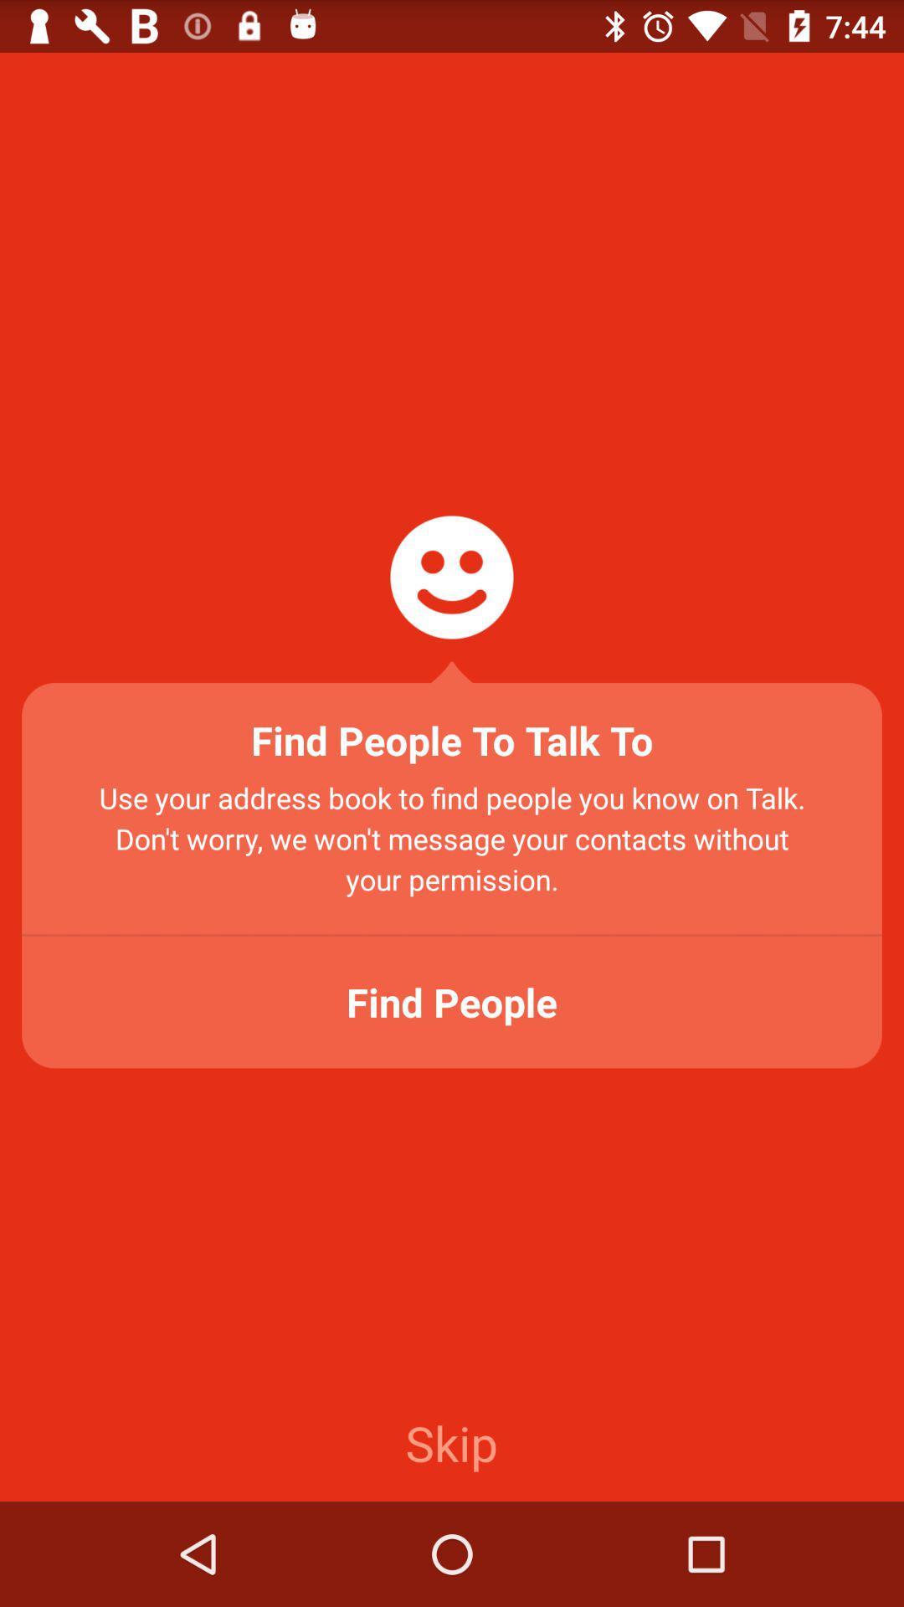 The height and width of the screenshot is (1607, 904). What do you see at coordinates (450, 1441) in the screenshot?
I see `the skip at the bottom` at bounding box center [450, 1441].